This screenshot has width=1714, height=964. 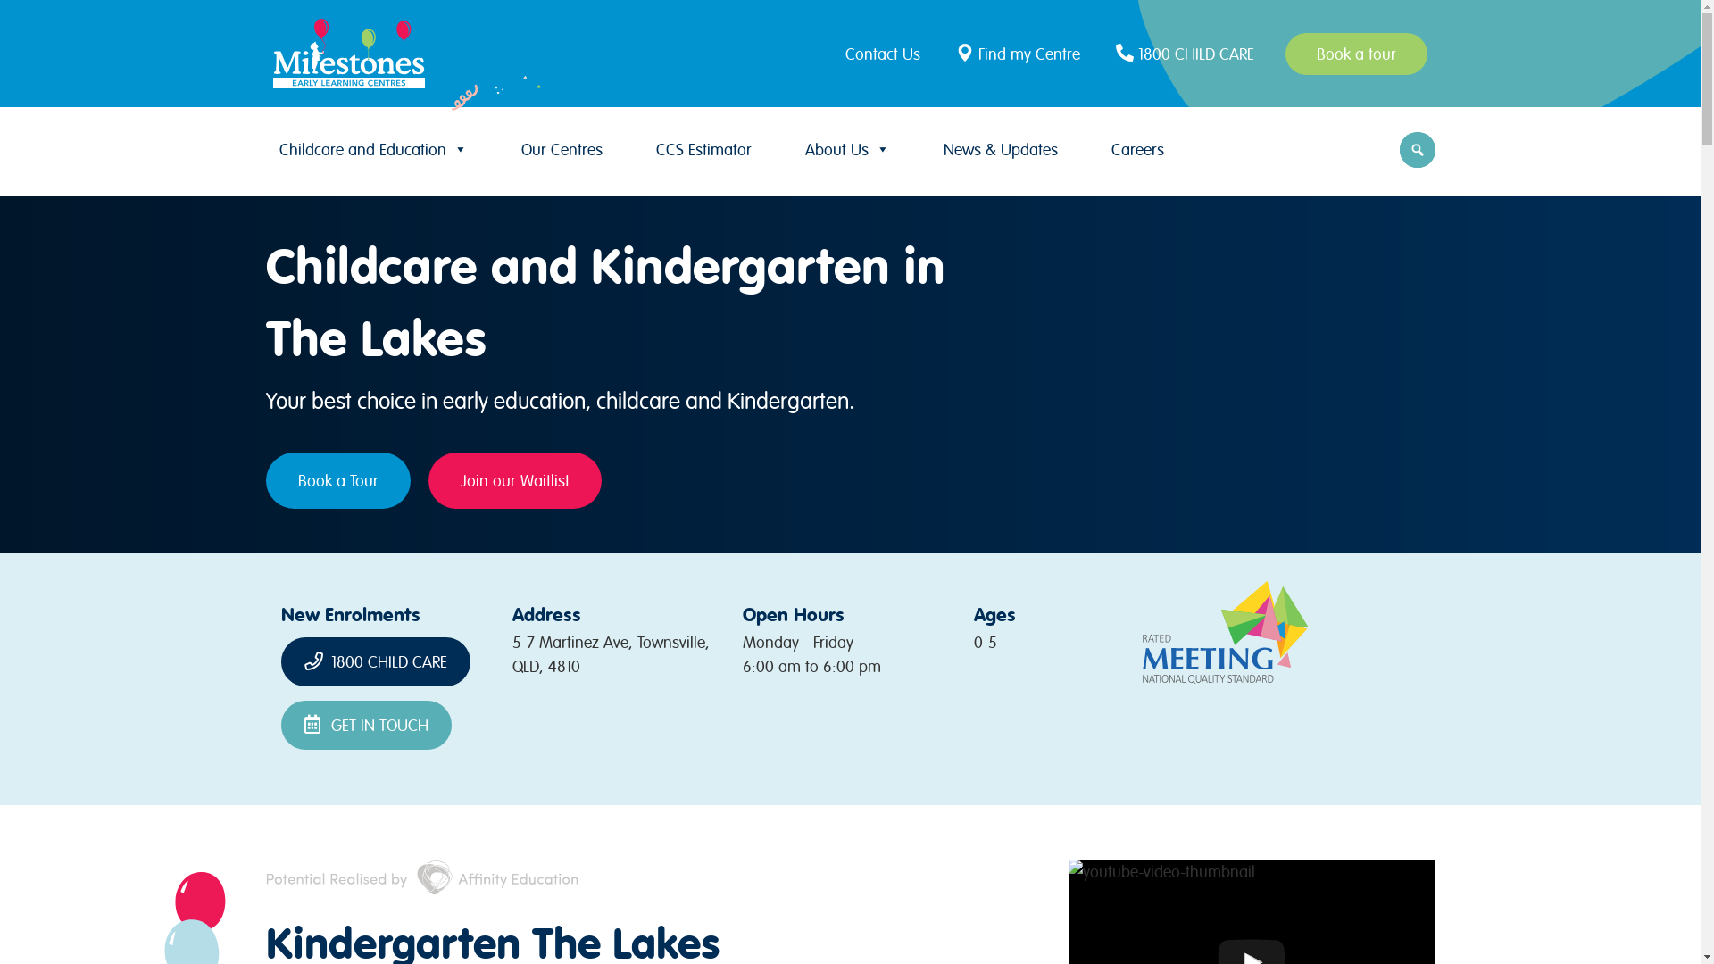 I want to click on 'Careers', so click(x=1136, y=148).